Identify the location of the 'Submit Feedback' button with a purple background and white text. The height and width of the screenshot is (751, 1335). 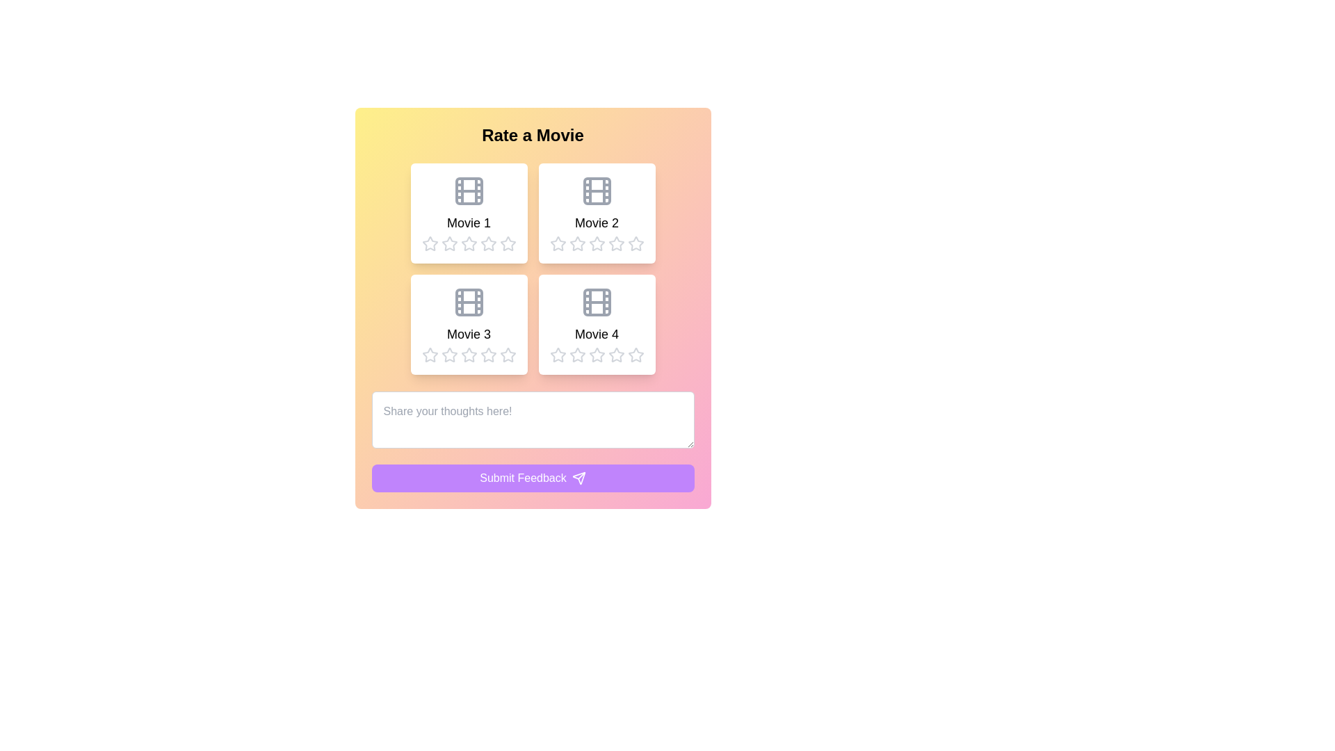
(532, 477).